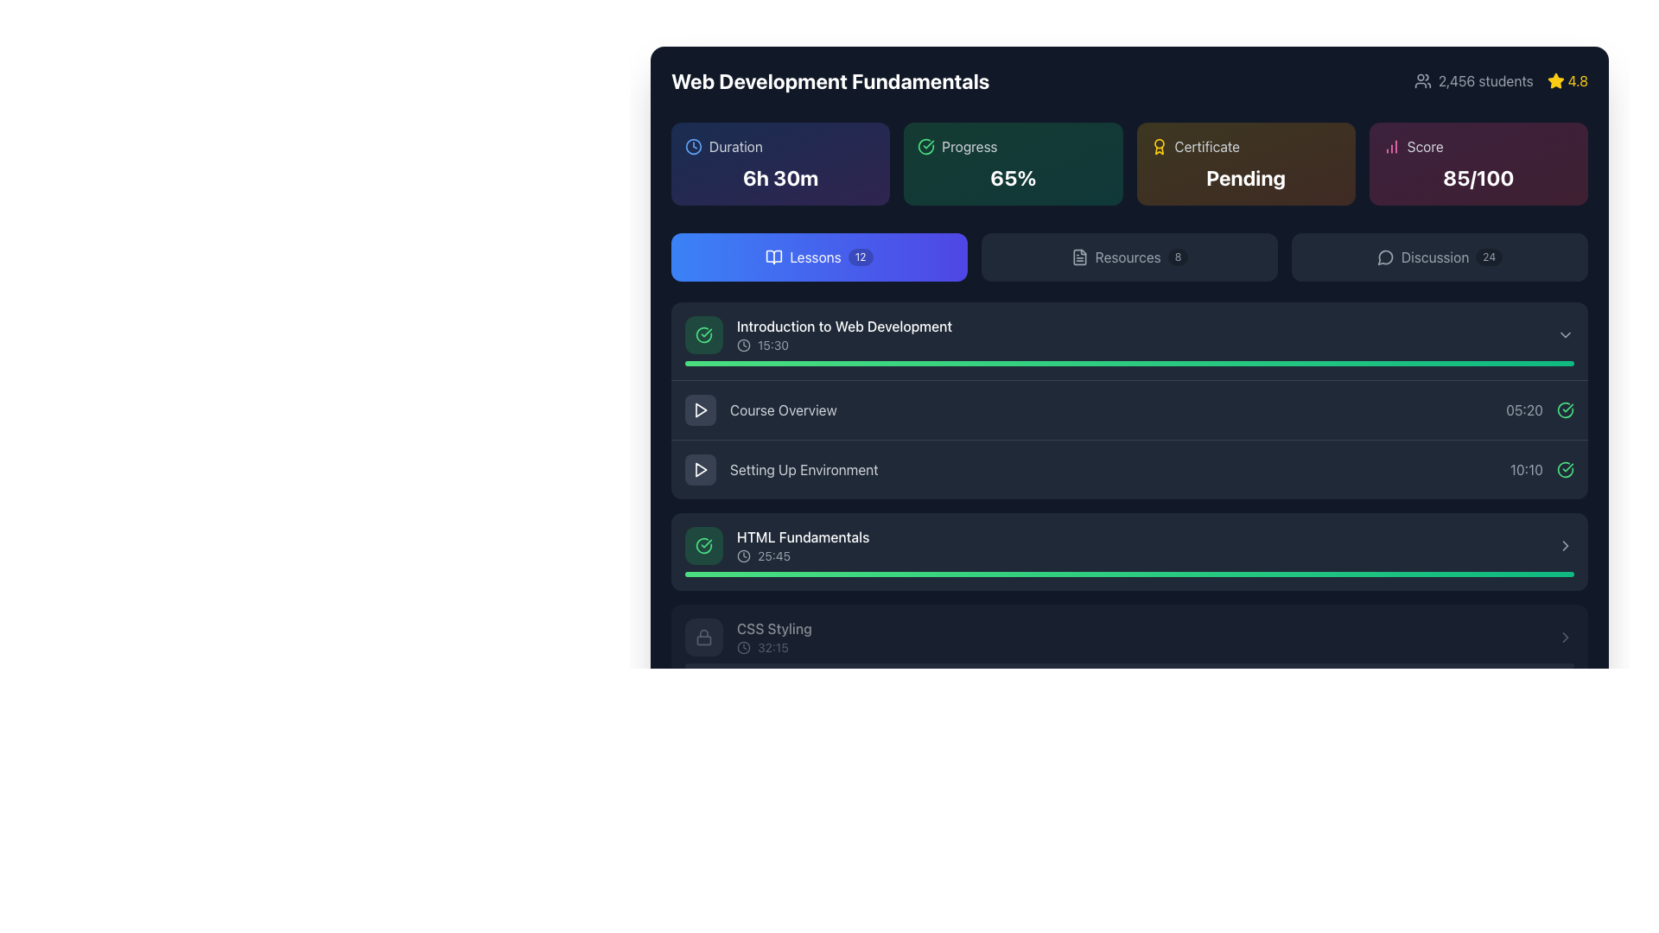  What do you see at coordinates (844, 335) in the screenshot?
I see `the lesson entry text representing a lesson in the course module` at bounding box center [844, 335].